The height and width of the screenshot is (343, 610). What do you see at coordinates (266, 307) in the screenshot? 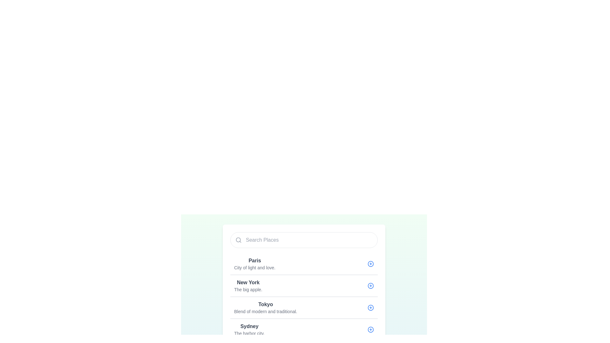
I see `the text content block that serves as the header and description for the city 'Tokyo', which is the third list item in the vertical list` at bounding box center [266, 307].